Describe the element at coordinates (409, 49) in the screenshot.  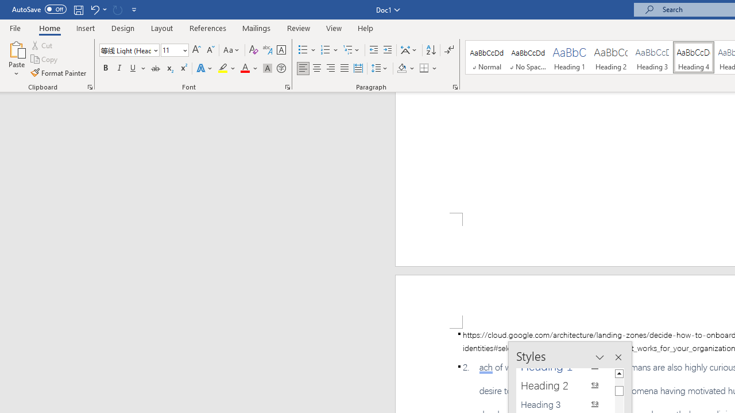
I see `'Asian Layout'` at that location.